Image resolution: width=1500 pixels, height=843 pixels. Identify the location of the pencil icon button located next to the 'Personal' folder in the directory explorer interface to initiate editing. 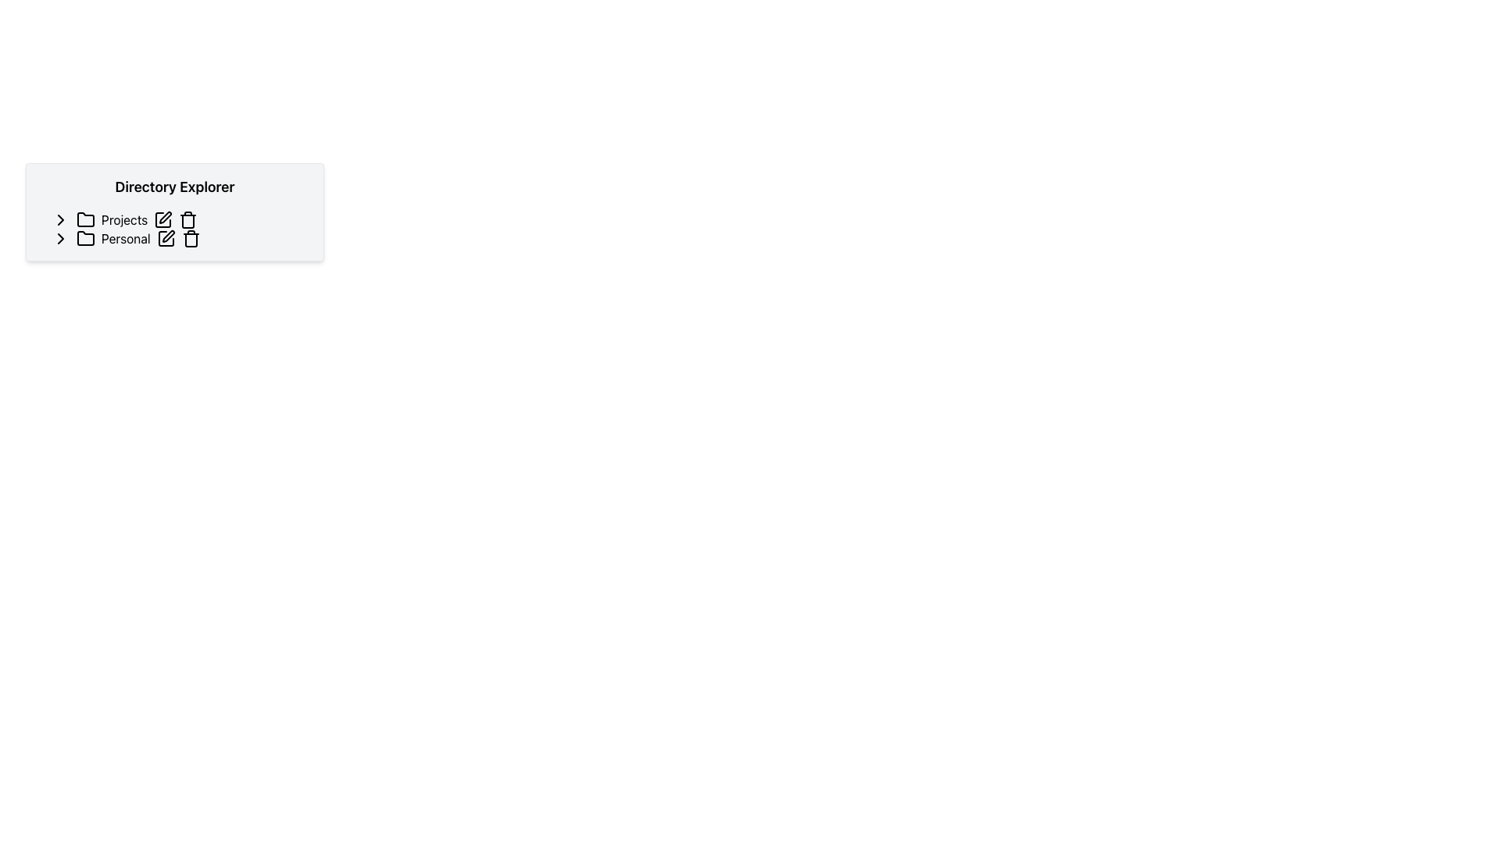
(166, 238).